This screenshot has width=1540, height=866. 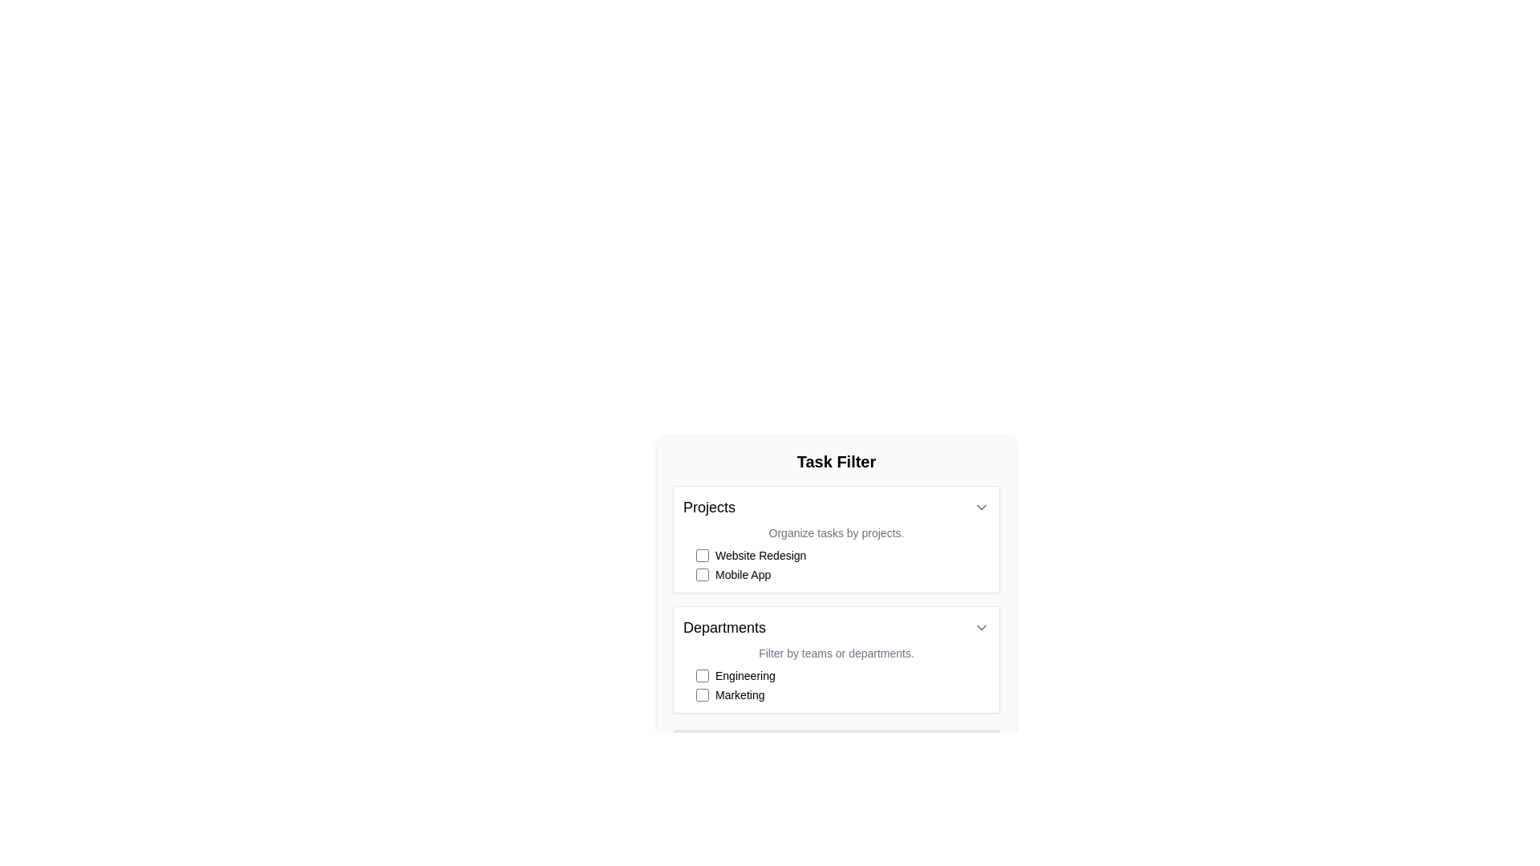 I want to click on the checkbox for the 'Mobile App' selection in the 'Projects' section, so click(x=702, y=574).